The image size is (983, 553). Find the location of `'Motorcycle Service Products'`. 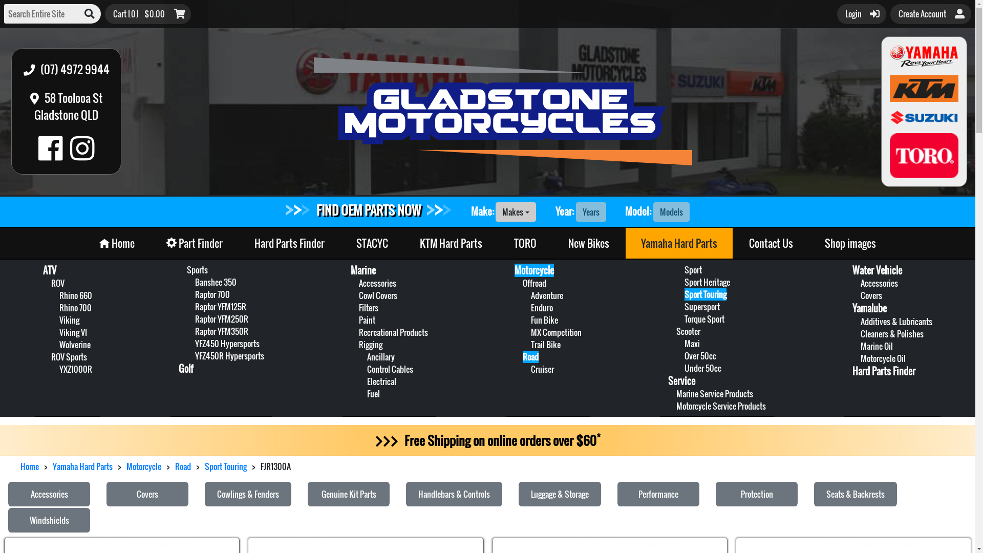

'Motorcycle Service Products' is located at coordinates (720, 406).